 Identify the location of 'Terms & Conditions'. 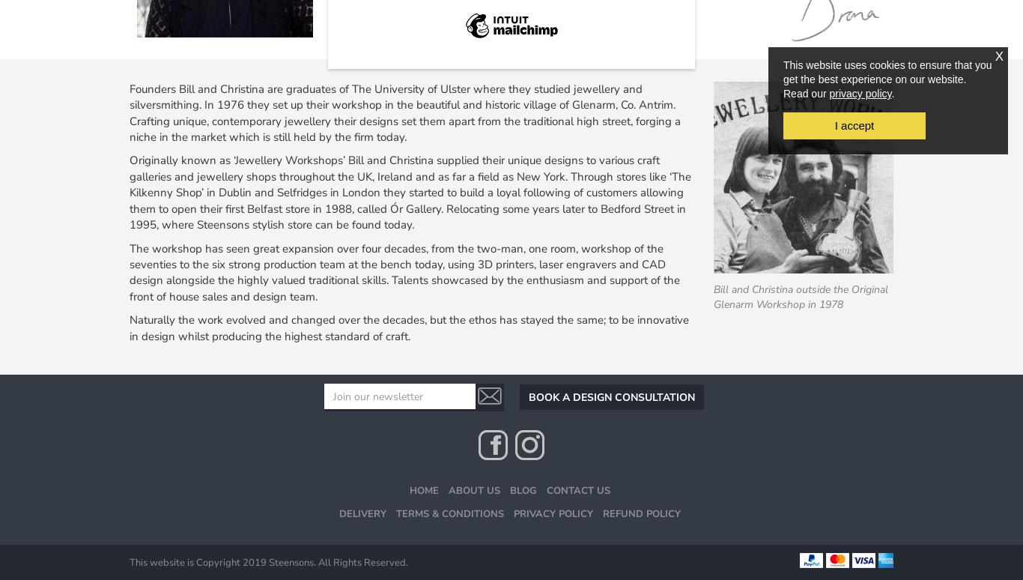
(448, 513).